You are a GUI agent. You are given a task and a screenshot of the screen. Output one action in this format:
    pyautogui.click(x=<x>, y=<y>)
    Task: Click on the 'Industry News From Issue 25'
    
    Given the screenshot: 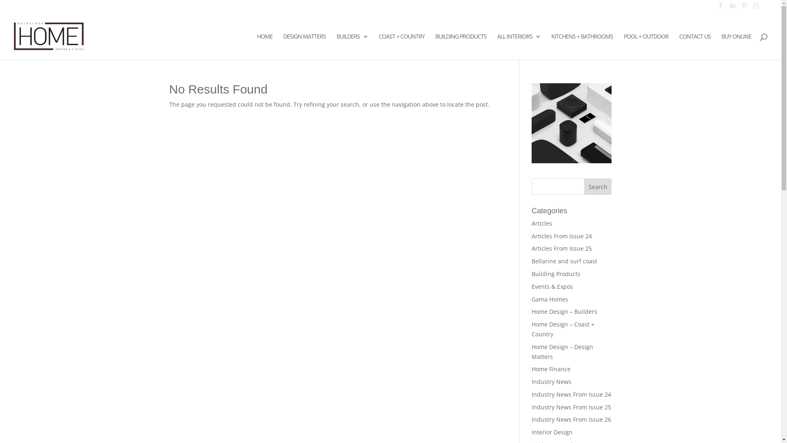 What is the action you would take?
    pyautogui.click(x=531, y=407)
    